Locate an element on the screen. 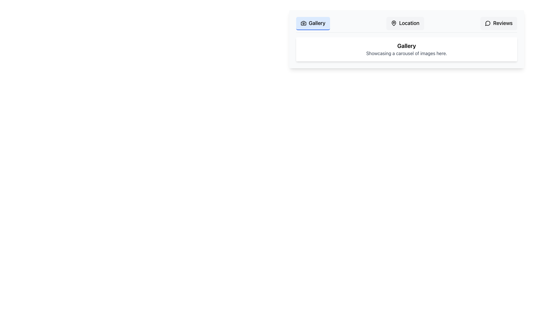 Image resolution: width=552 pixels, height=310 pixels. the button on the navigation bar is located at coordinates (406, 24).